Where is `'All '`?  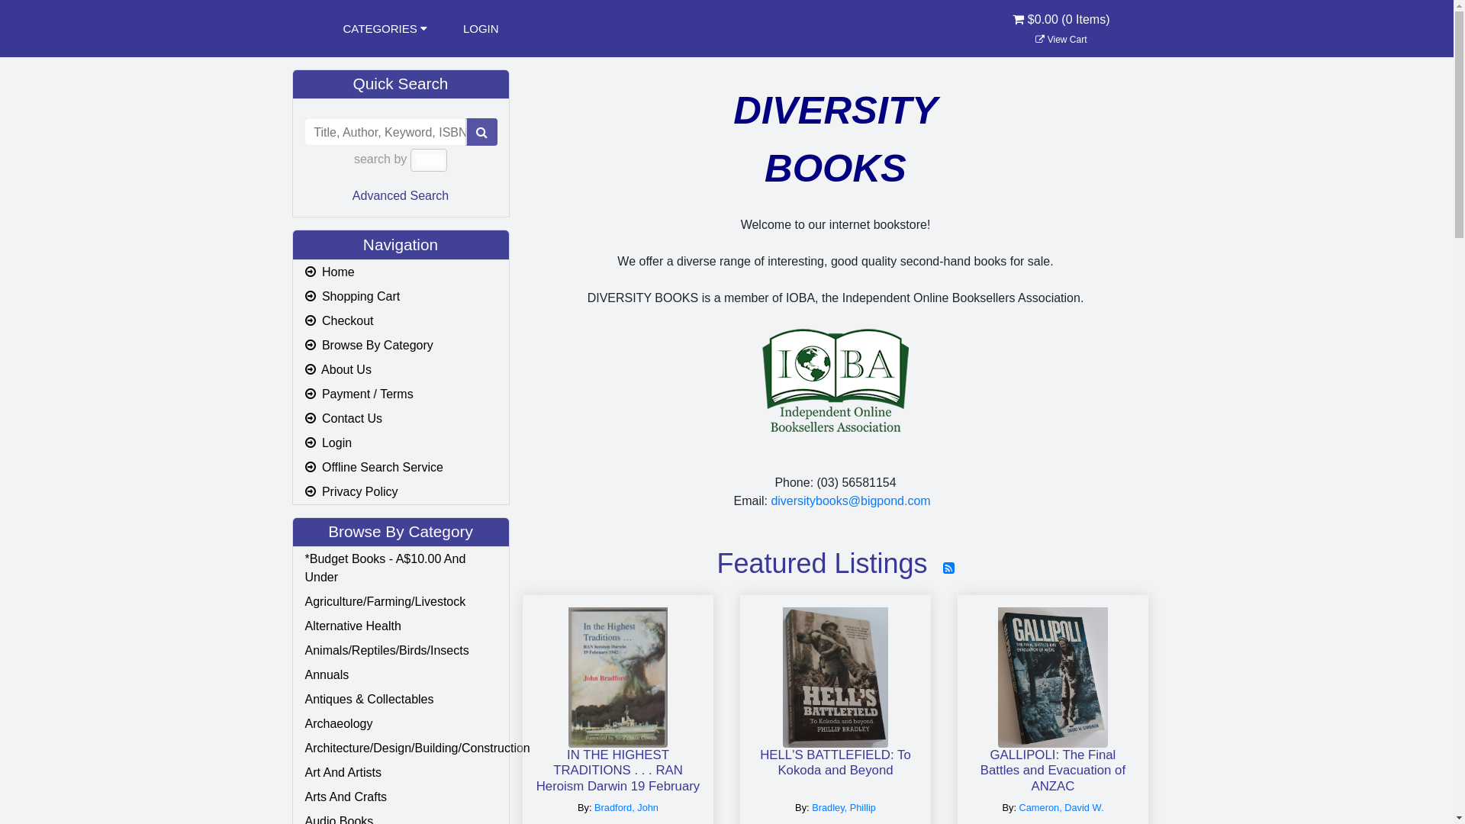
'All ' is located at coordinates (410, 159).